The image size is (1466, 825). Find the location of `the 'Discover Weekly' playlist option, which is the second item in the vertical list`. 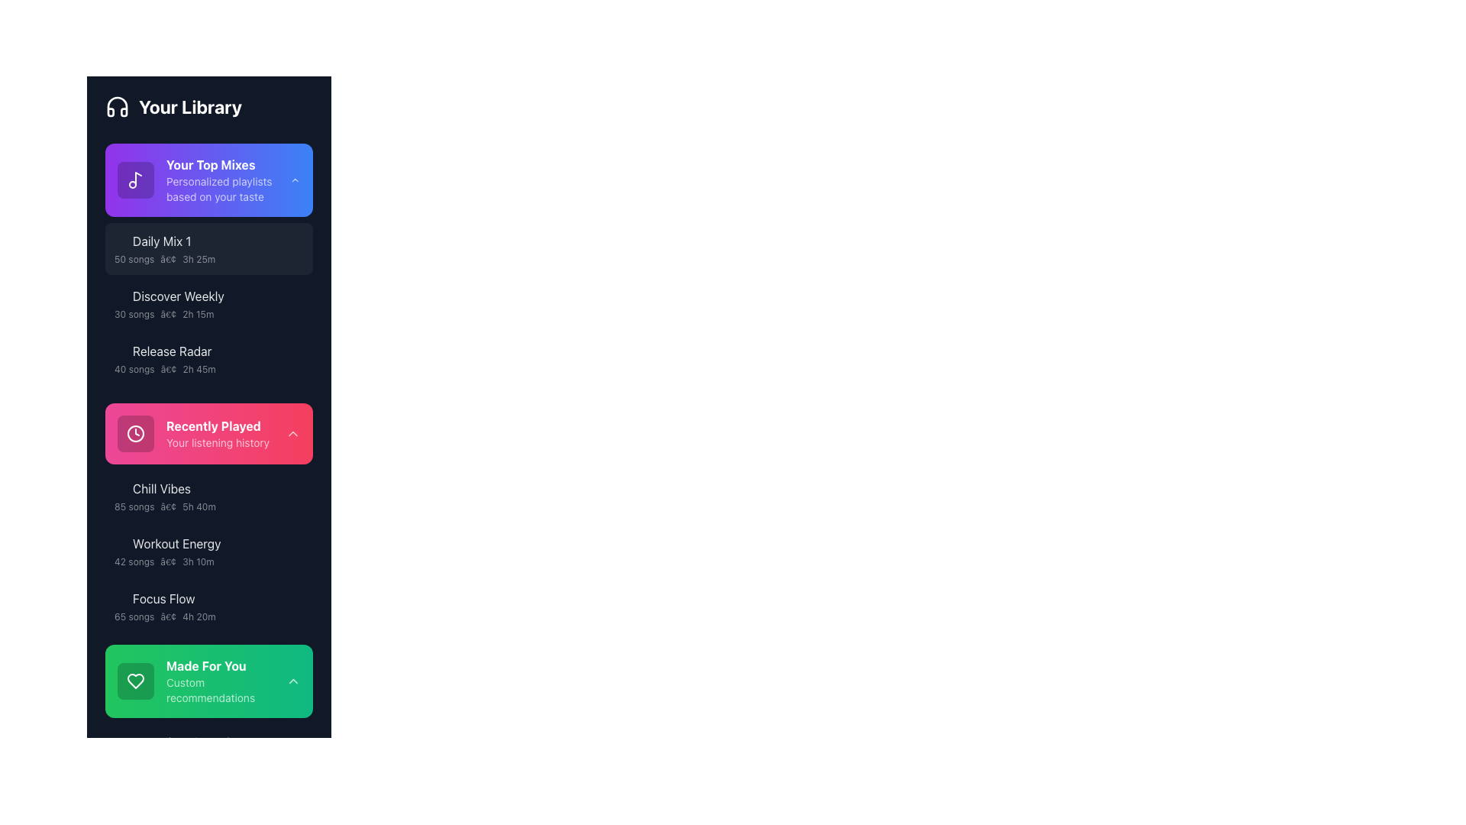

the 'Discover Weekly' playlist option, which is the second item in the vertical list is located at coordinates (208, 303).